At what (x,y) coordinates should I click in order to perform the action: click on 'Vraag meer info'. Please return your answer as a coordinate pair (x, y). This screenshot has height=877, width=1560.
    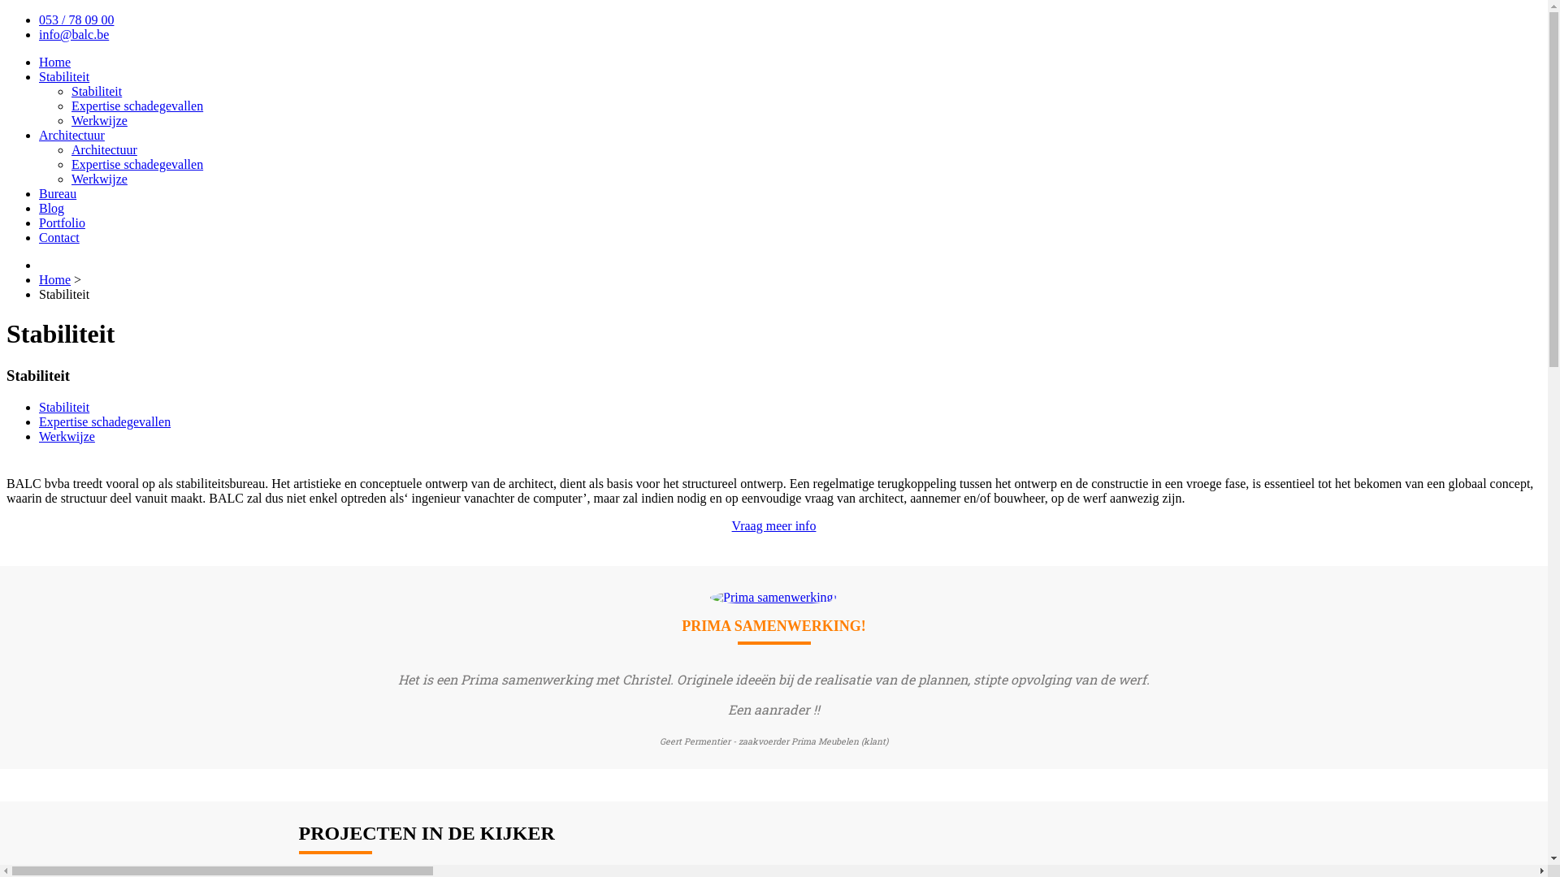
    Looking at the image, I should click on (731, 525).